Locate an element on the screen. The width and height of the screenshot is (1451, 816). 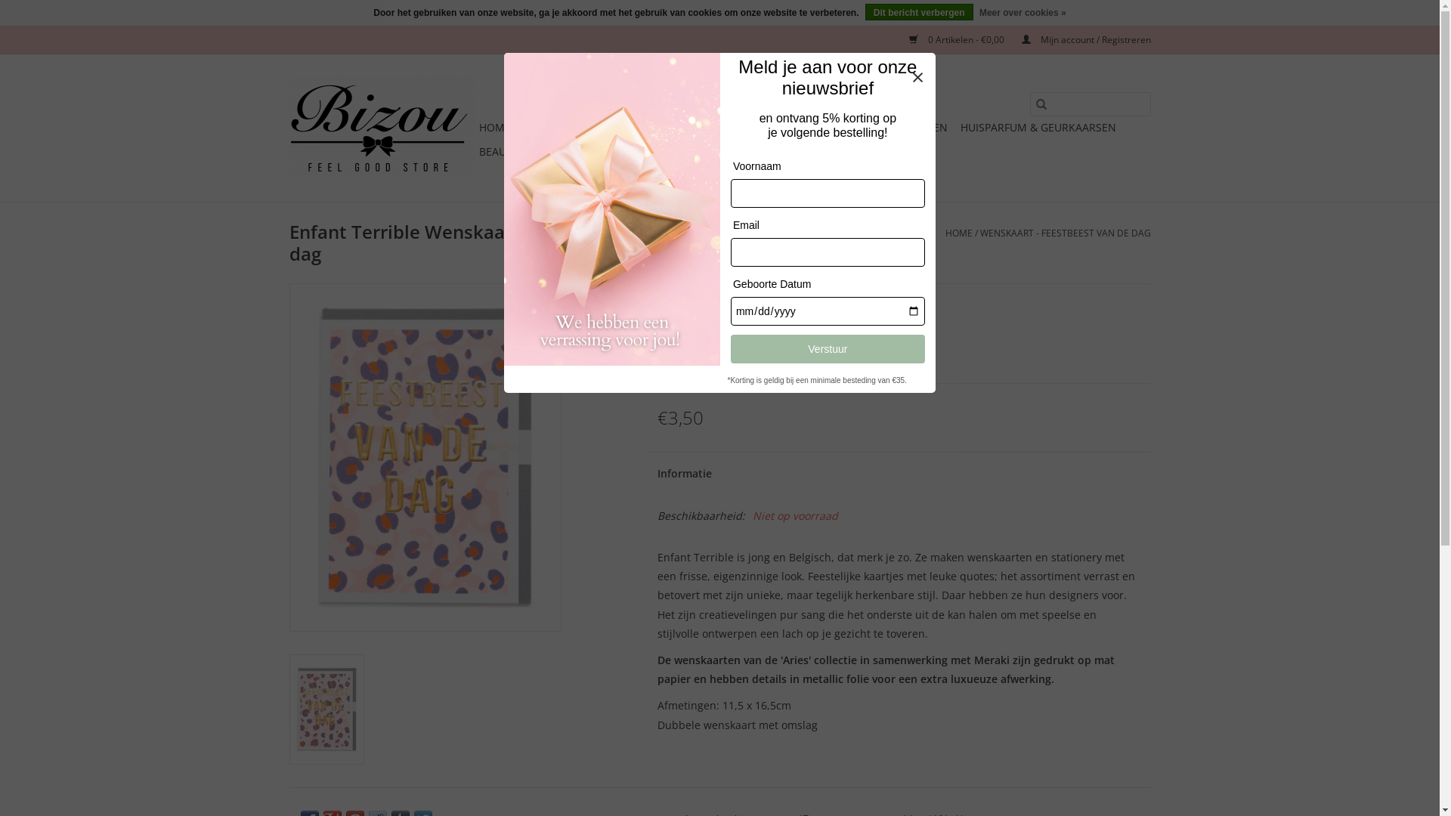
'BEAUTY' is located at coordinates (474, 151).